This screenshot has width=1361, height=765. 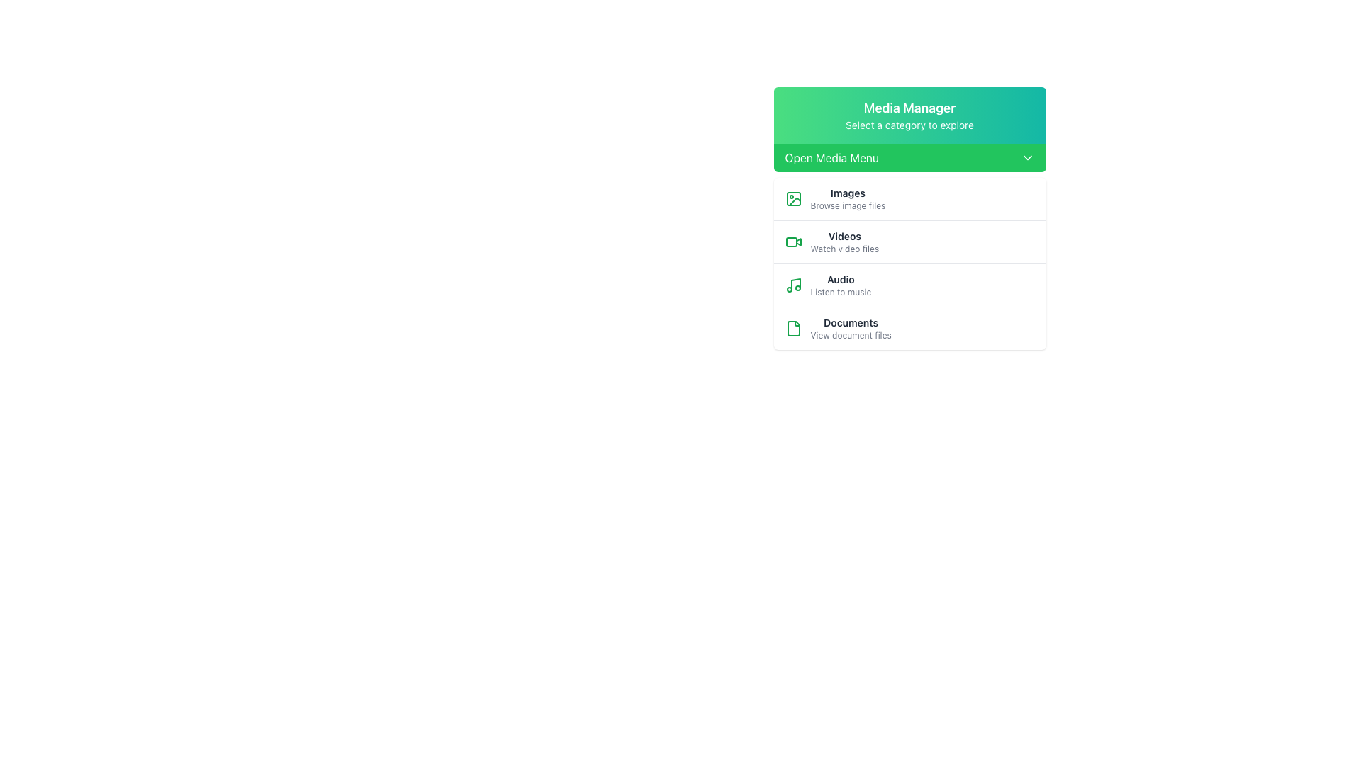 What do you see at coordinates (792, 199) in the screenshot?
I see `the green outlined icon with a small circle and a diagonal line ending in a peak, located to the left of the 'Images' label in the 'Media Manager' section` at bounding box center [792, 199].